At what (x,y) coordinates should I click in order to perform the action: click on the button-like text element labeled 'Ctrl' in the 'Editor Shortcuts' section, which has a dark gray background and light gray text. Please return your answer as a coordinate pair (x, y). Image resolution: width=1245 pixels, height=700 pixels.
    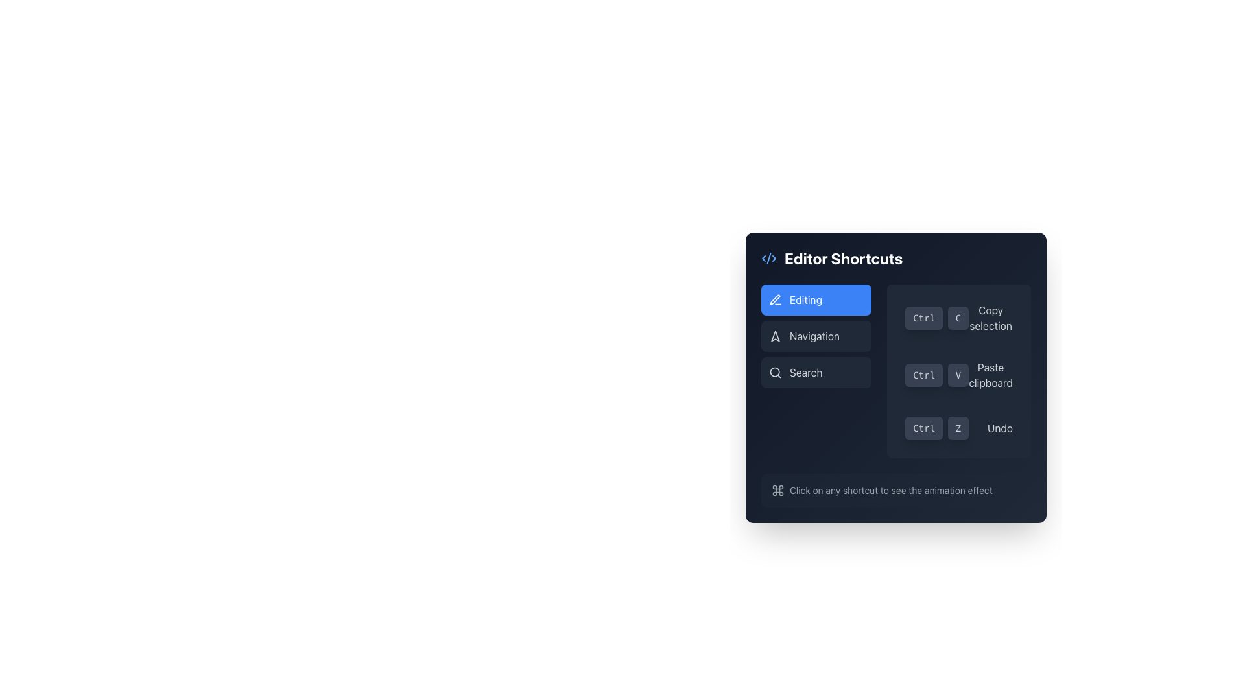
    Looking at the image, I should click on (923, 428).